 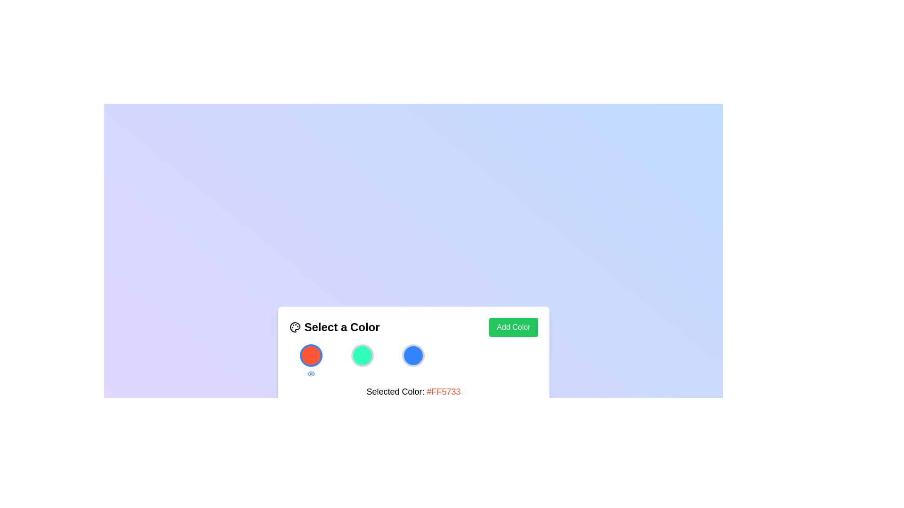 I want to click on text label that indicates the currently selected color, which is centered horizontally underneath the row of circular color options, so click(x=413, y=391).